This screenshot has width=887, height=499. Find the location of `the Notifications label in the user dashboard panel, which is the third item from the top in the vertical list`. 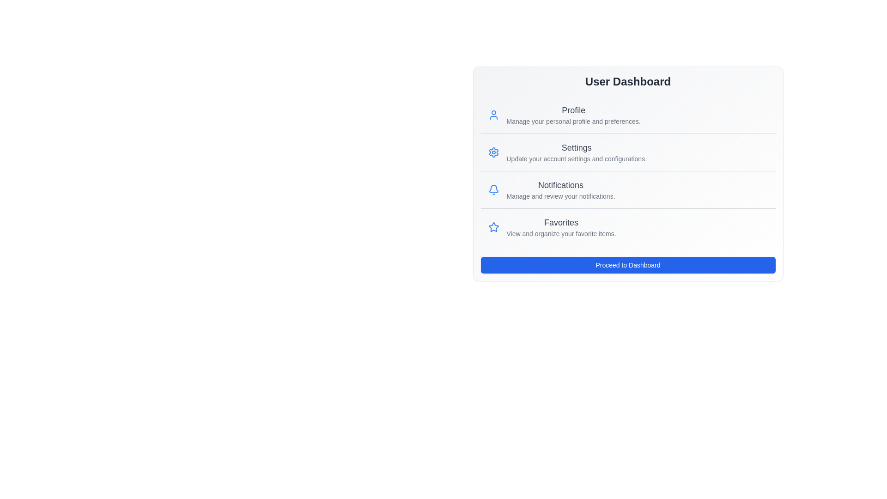

the Notifications label in the user dashboard panel, which is the third item from the top in the vertical list is located at coordinates (560, 189).